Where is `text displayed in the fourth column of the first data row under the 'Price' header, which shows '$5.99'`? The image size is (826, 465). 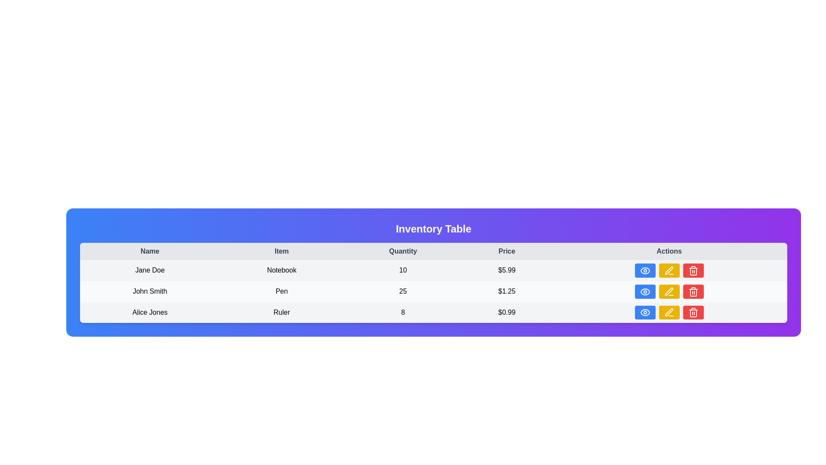 text displayed in the fourth column of the first data row under the 'Price' header, which shows '$5.99' is located at coordinates (507, 270).